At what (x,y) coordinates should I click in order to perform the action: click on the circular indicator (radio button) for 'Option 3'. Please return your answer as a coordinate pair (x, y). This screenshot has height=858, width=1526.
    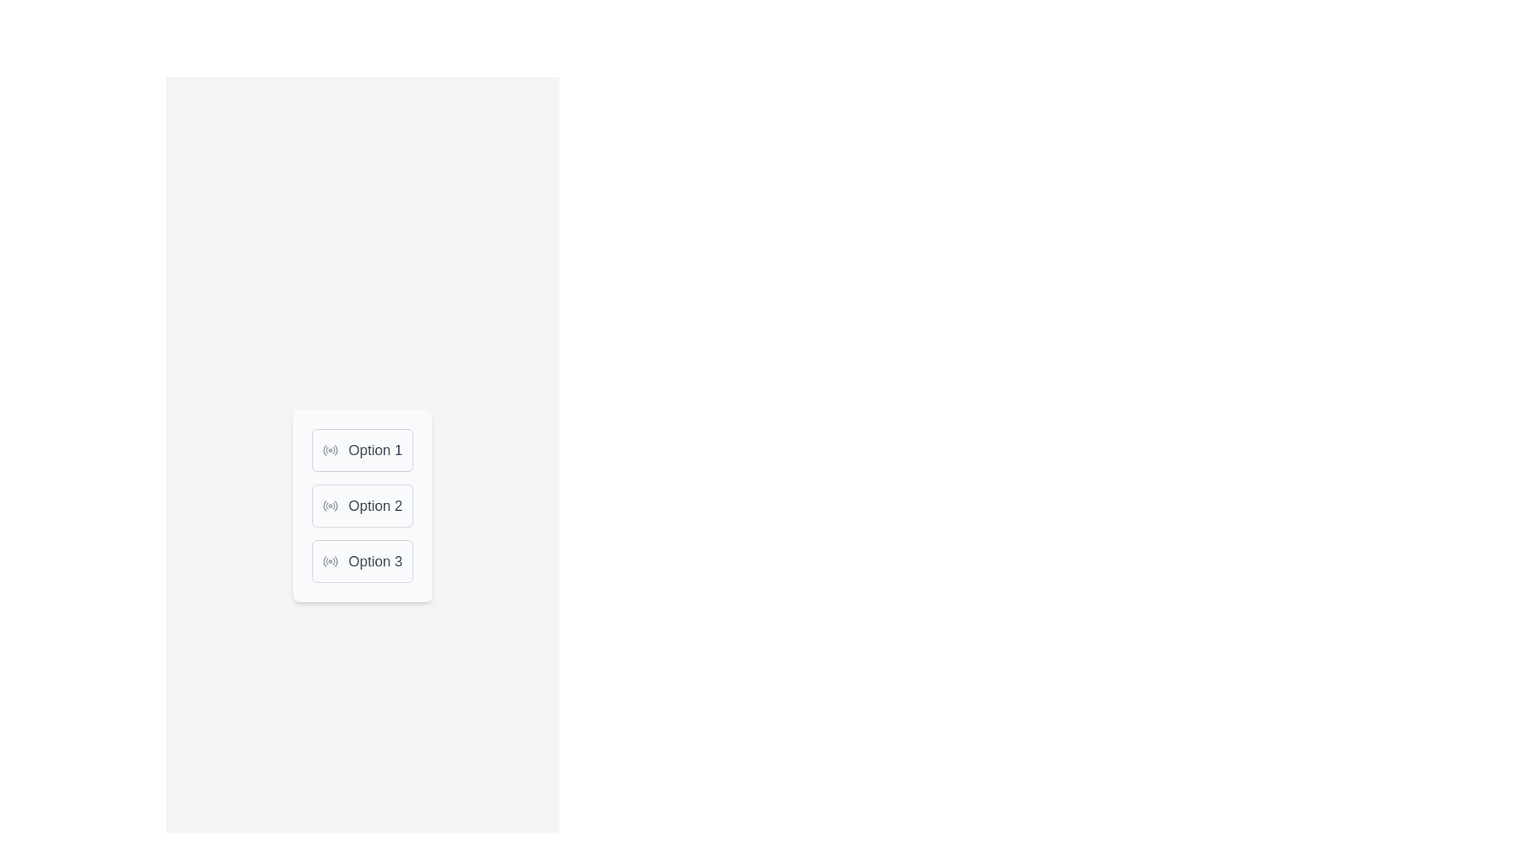
    Looking at the image, I should click on (330, 560).